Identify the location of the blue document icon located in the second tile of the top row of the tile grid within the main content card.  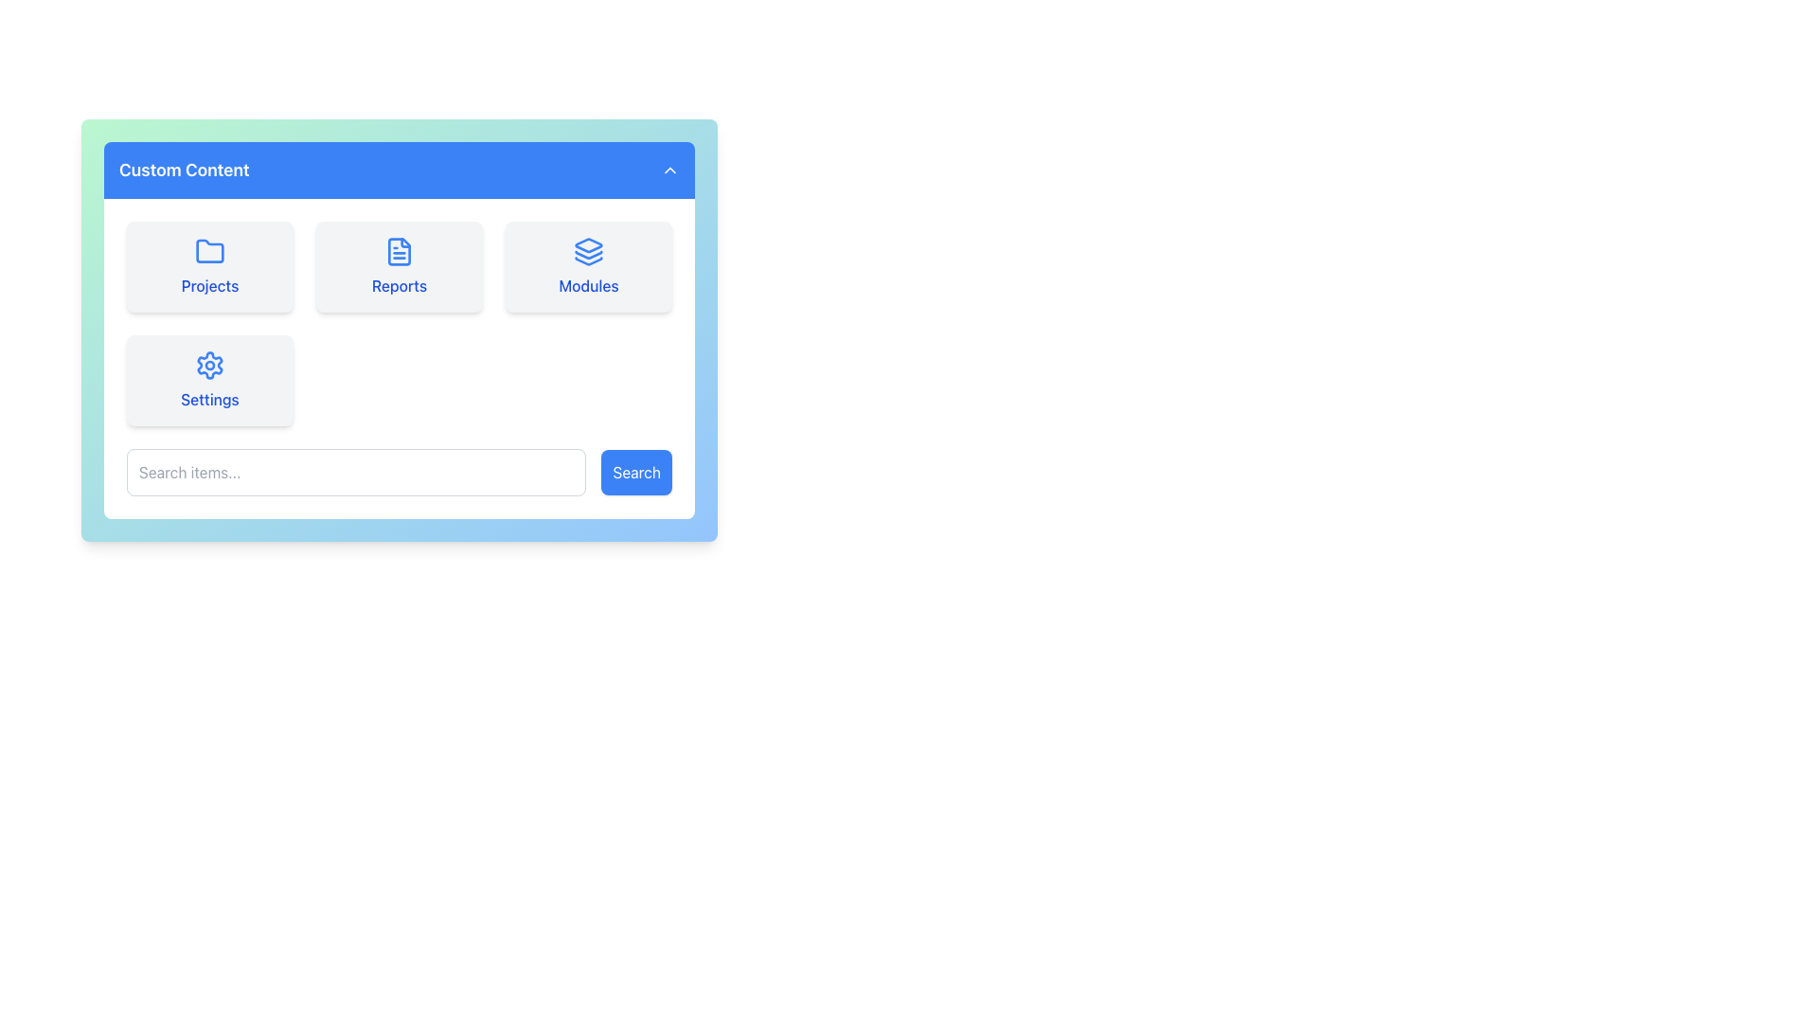
(399, 251).